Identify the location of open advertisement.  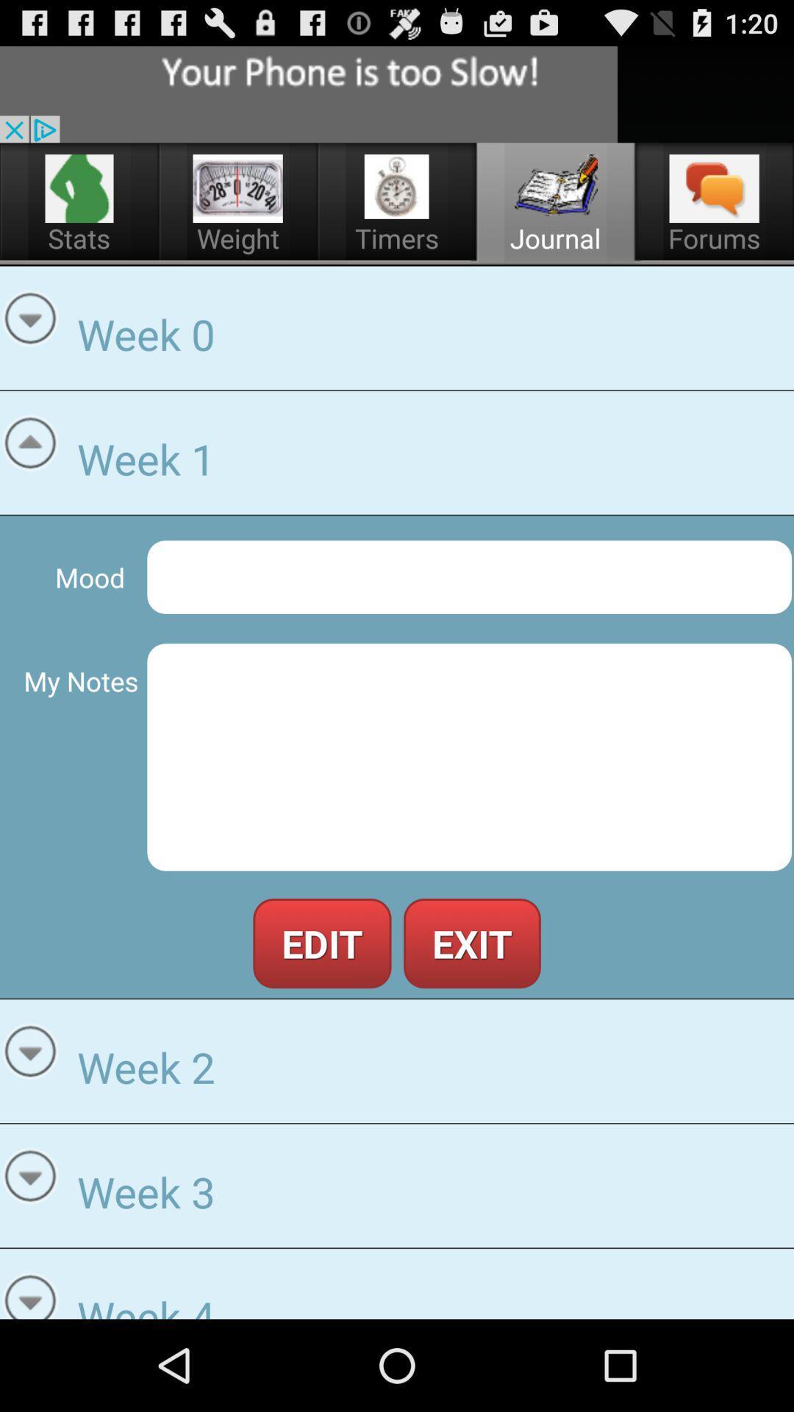
(308, 93).